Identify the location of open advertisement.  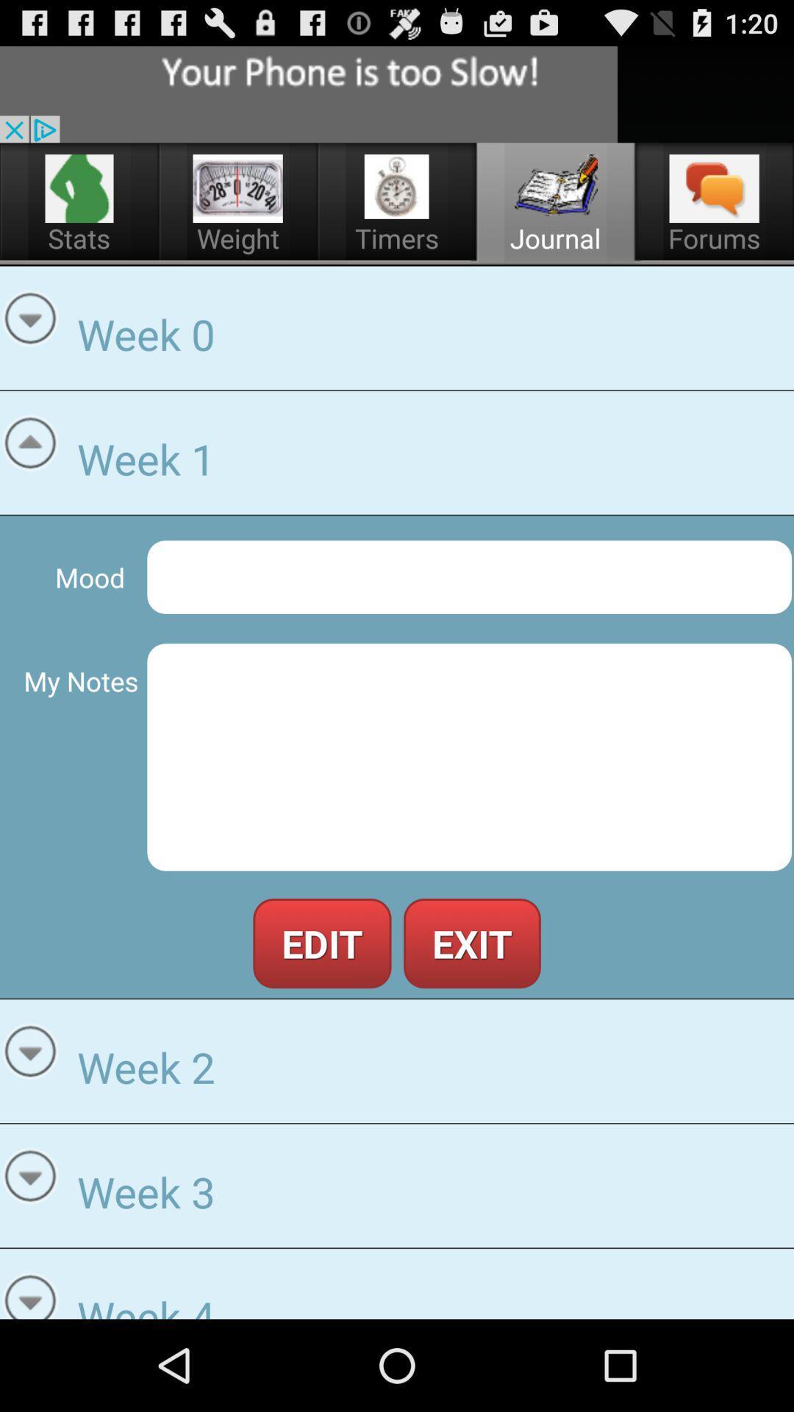
(308, 93).